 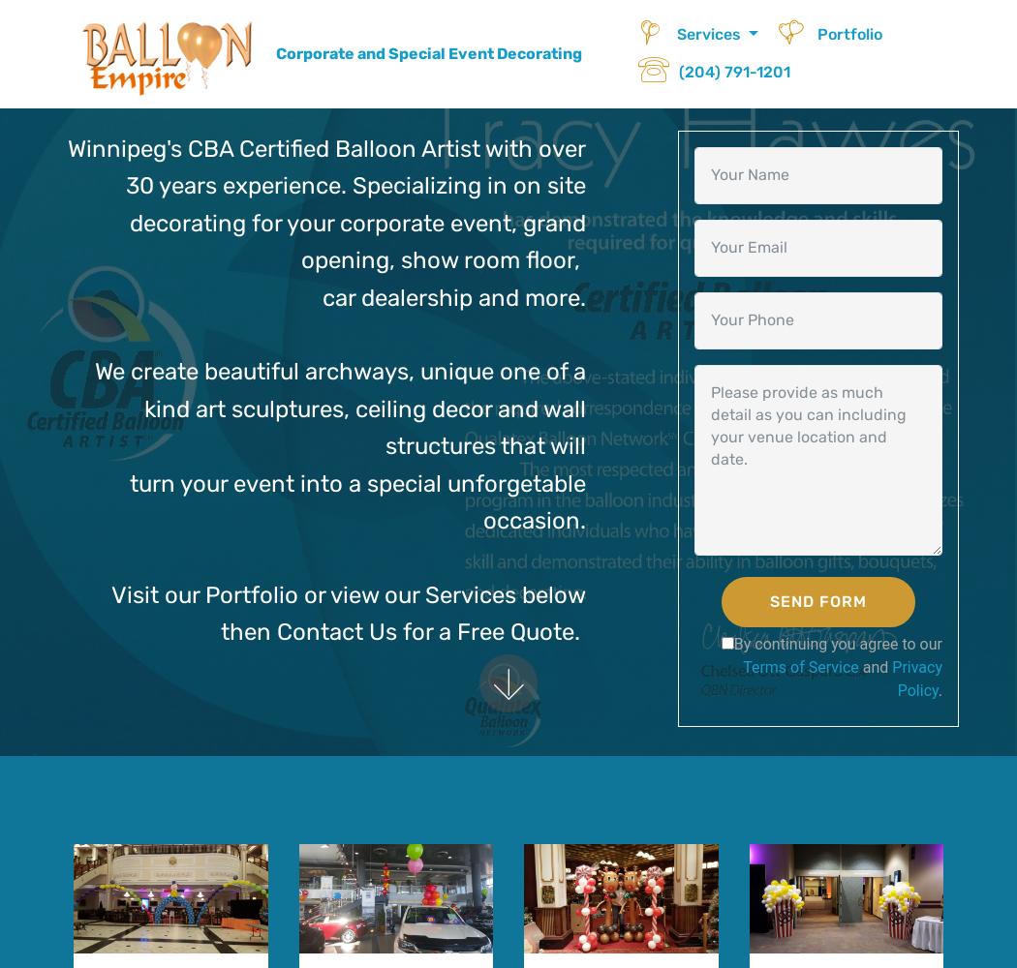 What do you see at coordinates (733, 644) in the screenshot?
I see `'By continuing you agree to our'` at bounding box center [733, 644].